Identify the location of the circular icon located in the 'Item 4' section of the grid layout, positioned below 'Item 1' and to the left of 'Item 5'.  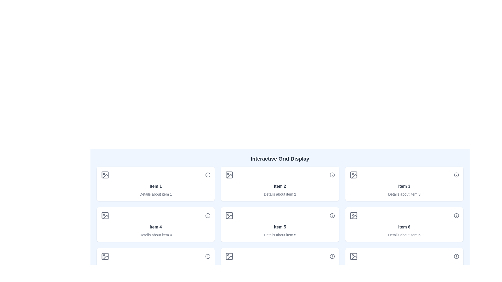
(208, 215).